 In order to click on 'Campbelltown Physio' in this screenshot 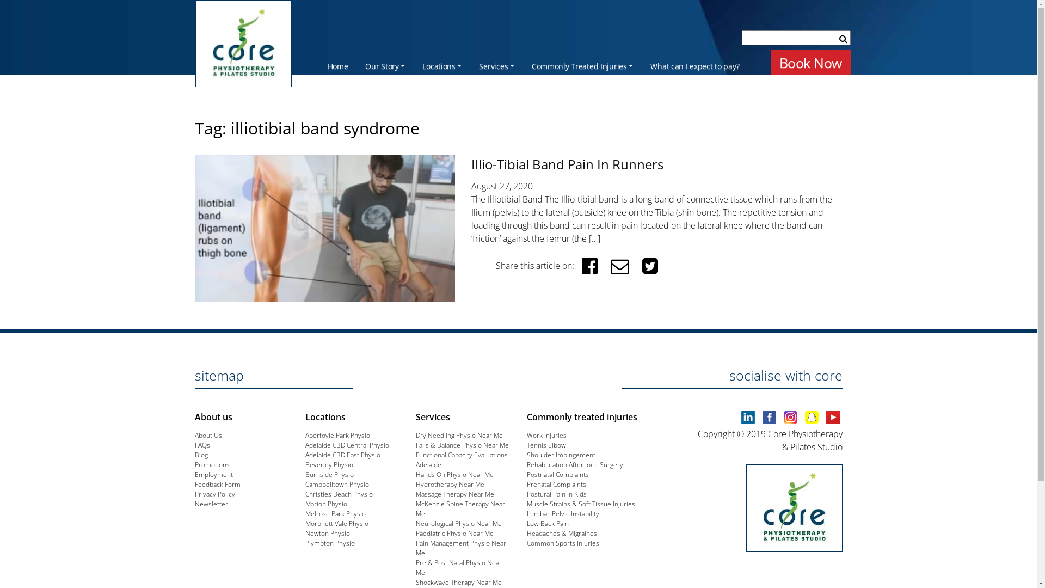, I will do `click(336, 483)`.